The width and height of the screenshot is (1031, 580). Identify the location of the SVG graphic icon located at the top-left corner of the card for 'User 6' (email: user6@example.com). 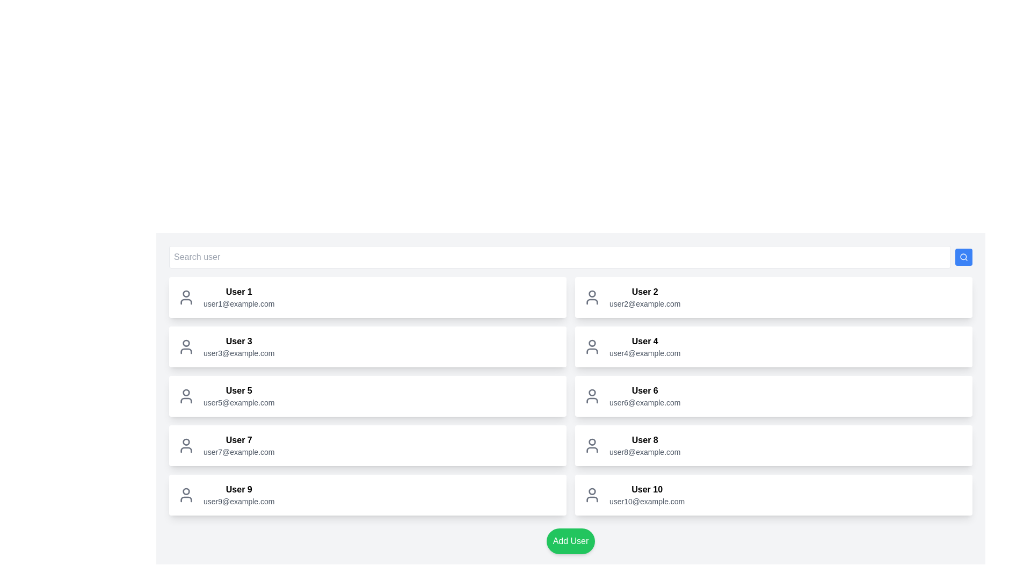
(592, 396).